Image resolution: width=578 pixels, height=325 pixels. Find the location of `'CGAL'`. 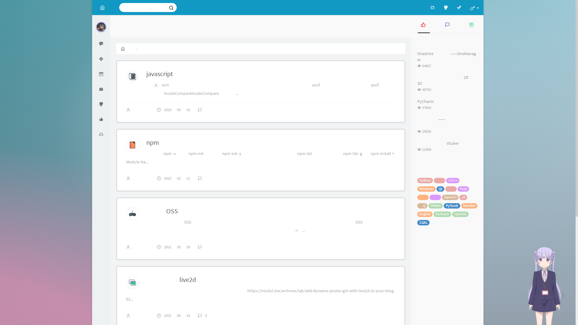

'CGAL' is located at coordinates (423, 223).